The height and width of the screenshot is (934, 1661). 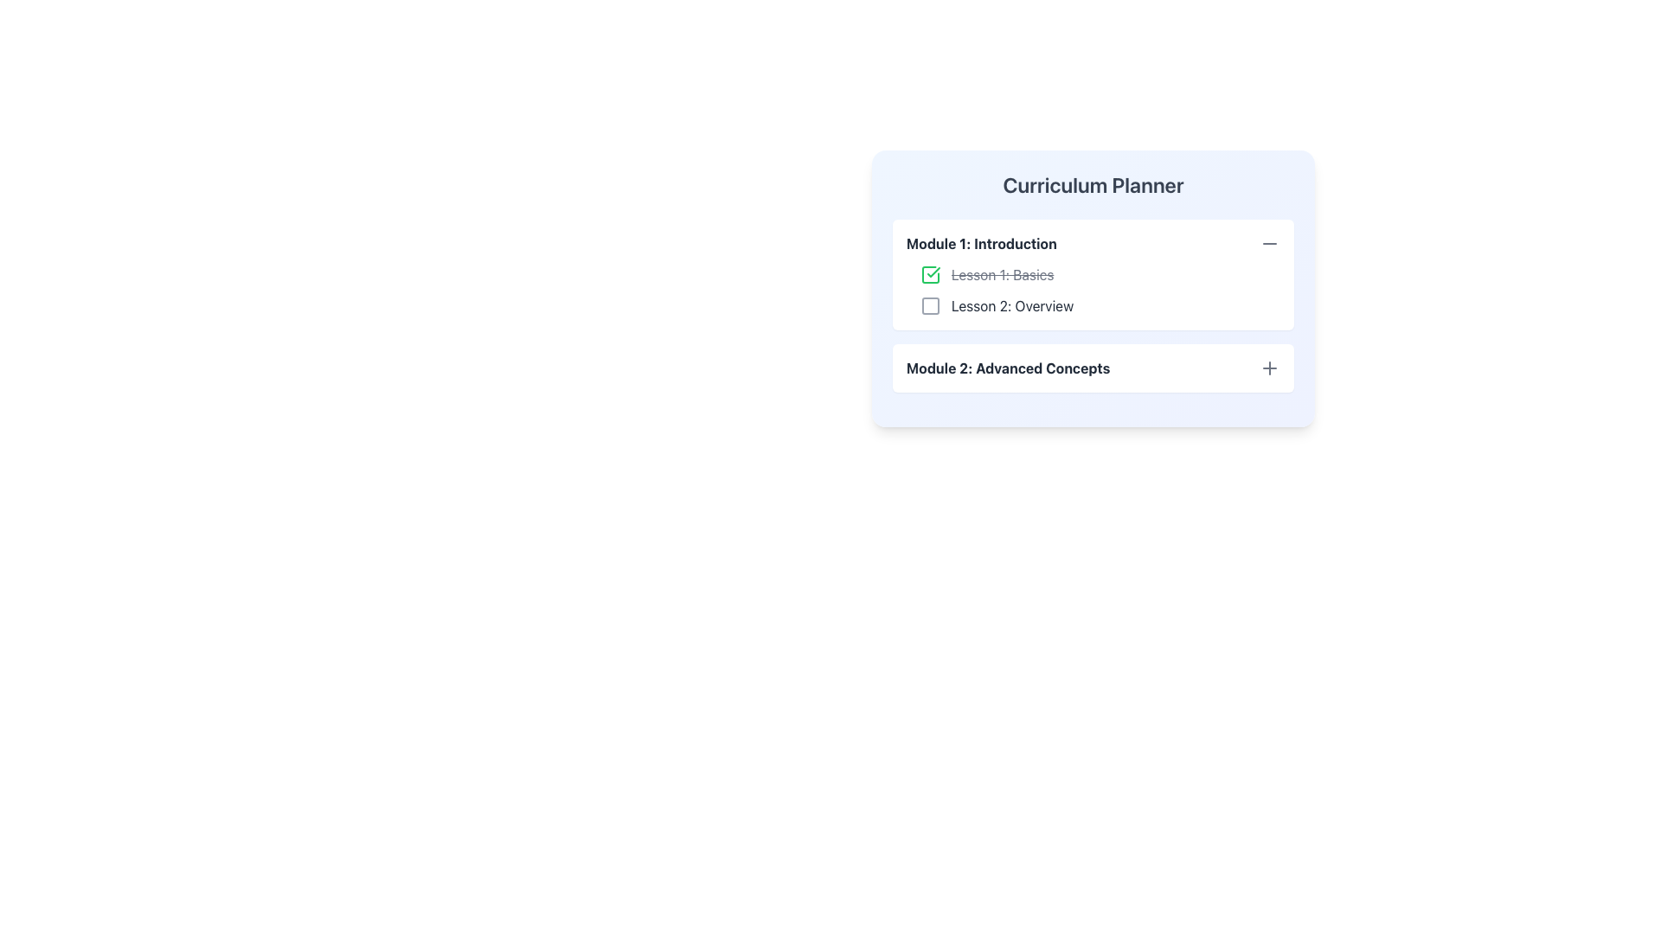 I want to click on the lesson entries in the vertical list within 'Module 1: Introduction', so click(x=1092, y=289).